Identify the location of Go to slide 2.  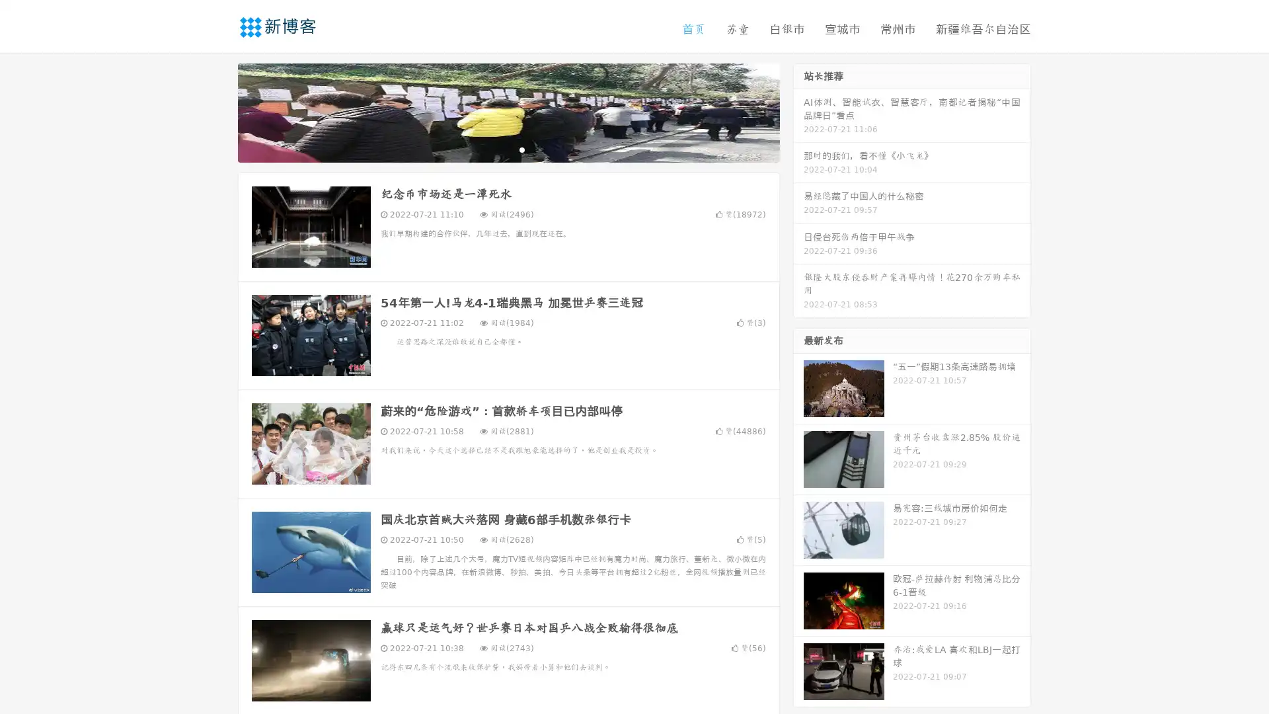
(508, 149).